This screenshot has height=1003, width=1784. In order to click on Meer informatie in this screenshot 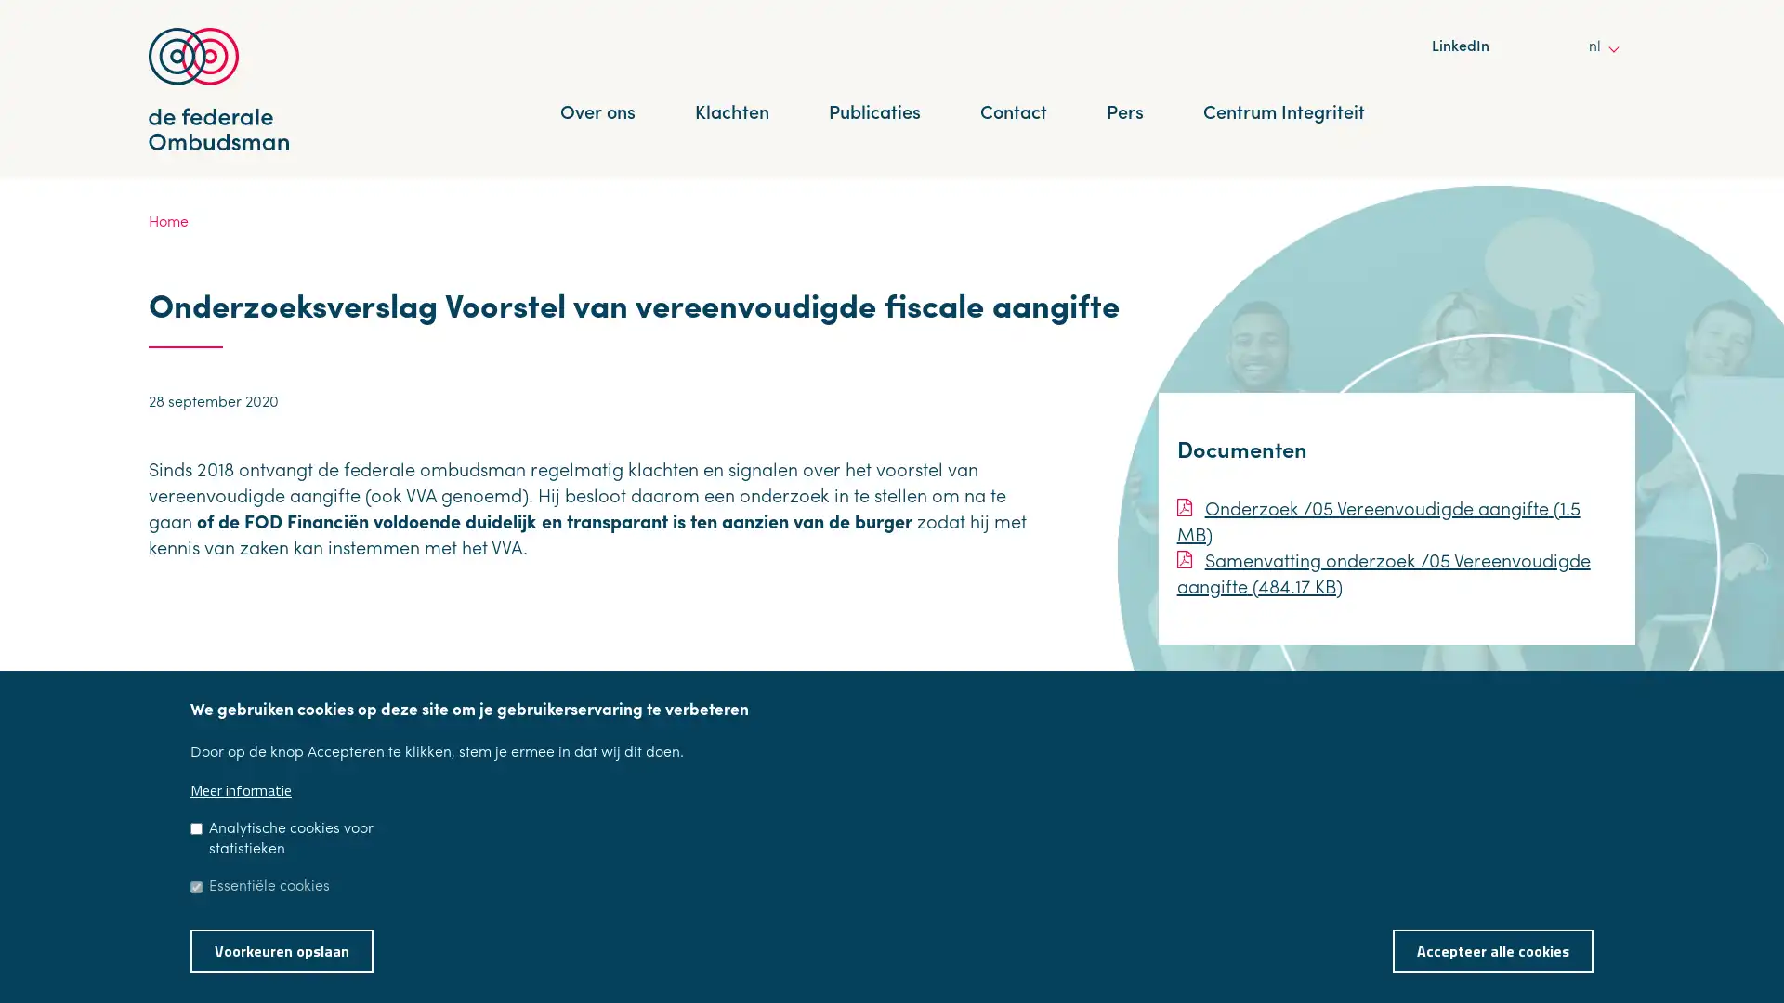, I will do `click(240, 790)`.